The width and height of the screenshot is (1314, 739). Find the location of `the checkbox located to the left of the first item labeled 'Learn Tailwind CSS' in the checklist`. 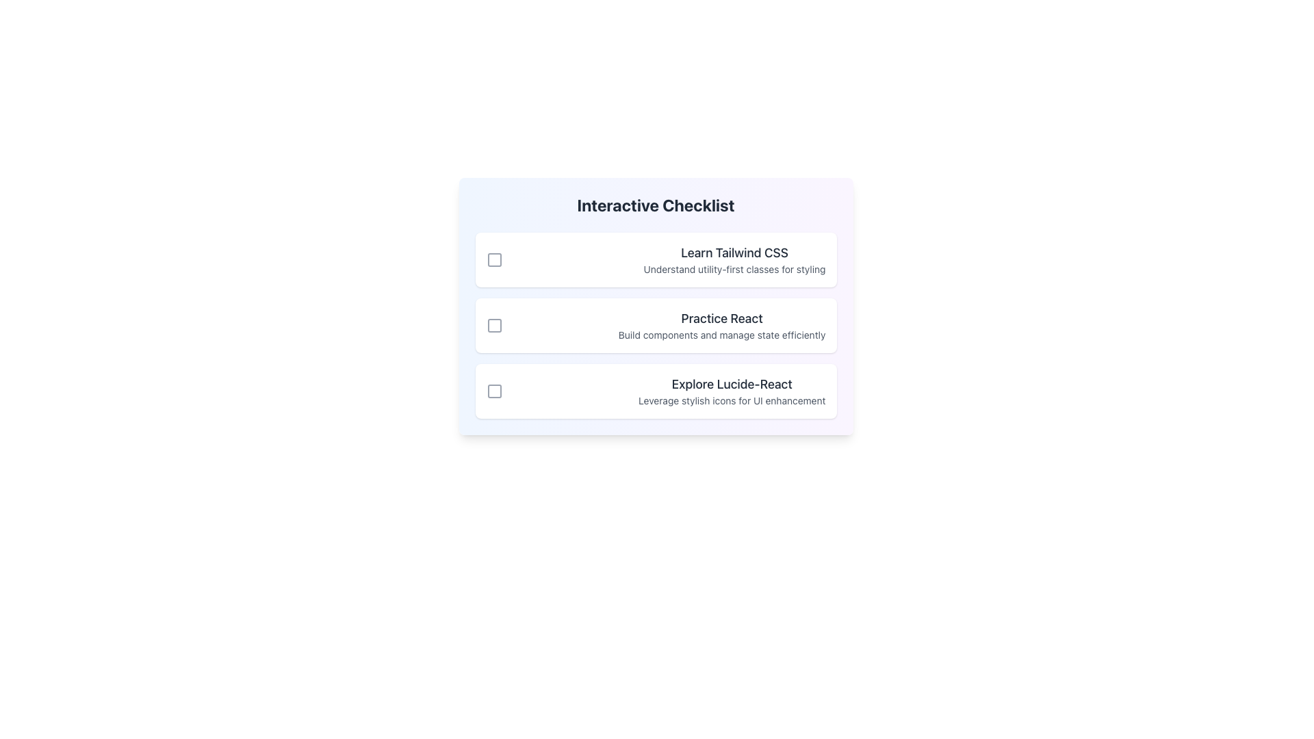

the checkbox located to the left of the first item labeled 'Learn Tailwind CSS' in the checklist is located at coordinates (493, 260).